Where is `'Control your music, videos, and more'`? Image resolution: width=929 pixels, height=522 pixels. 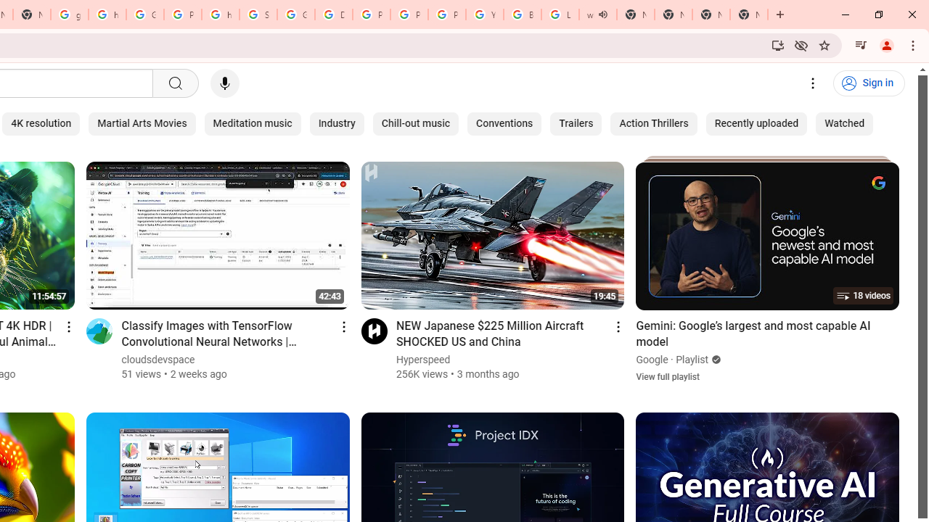
'Control your music, videos, and more' is located at coordinates (860, 44).